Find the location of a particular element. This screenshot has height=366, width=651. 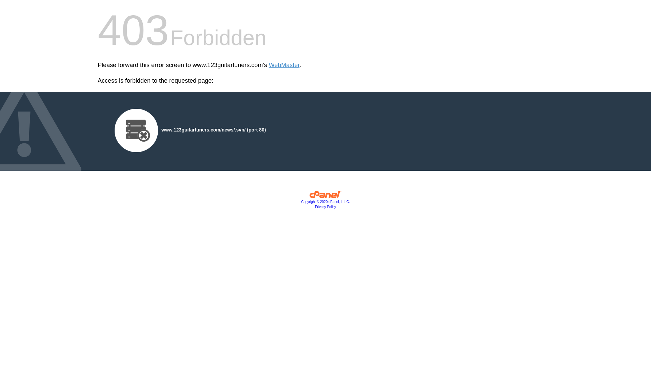

'cPanel, Inc.' is located at coordinates (309, 196).